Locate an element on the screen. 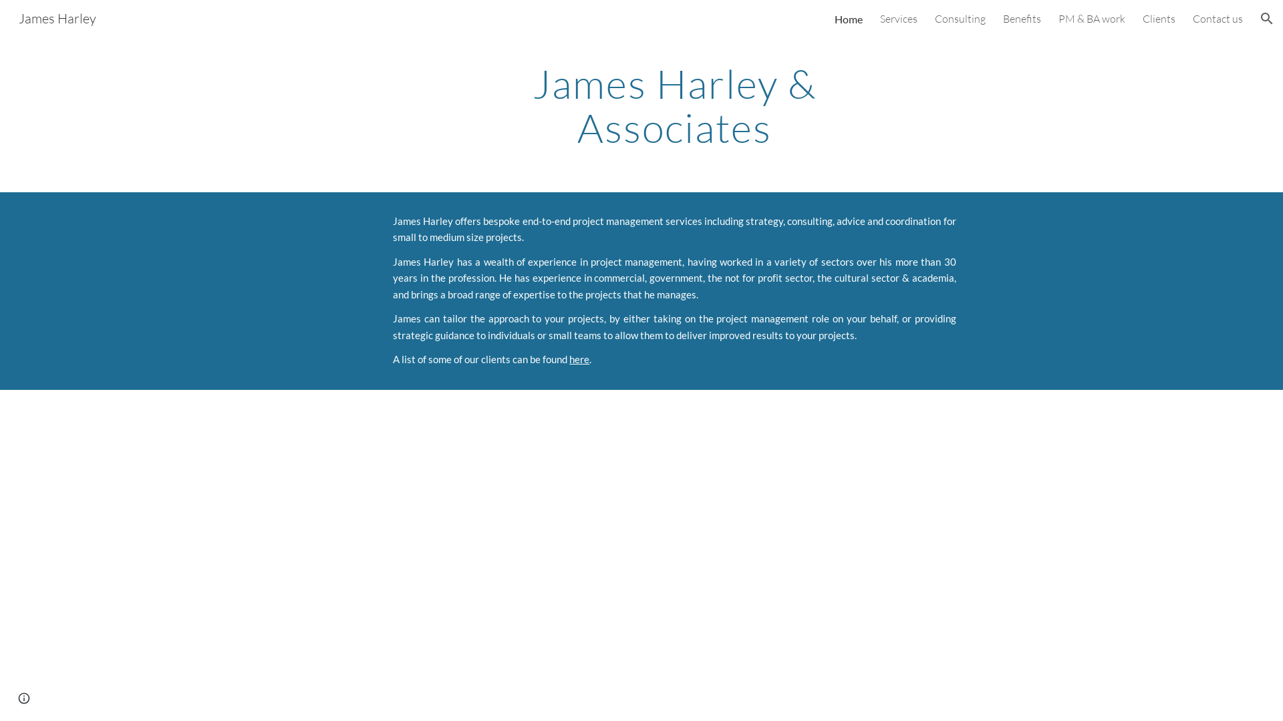 Image resolution: width=1283 pixels, height=721 pixels. 'Consulting' is located at coordinates (934, 18).